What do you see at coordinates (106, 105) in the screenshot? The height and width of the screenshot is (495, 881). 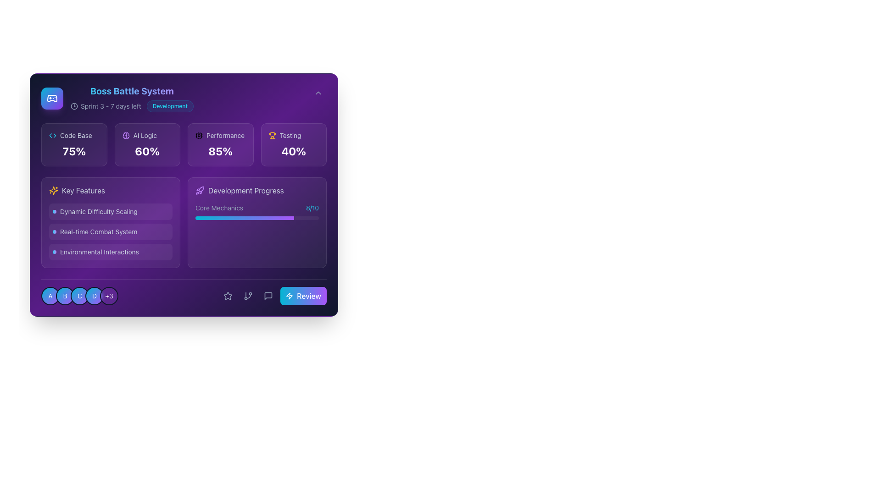 I see `text element providing information about the current sprint and time remaining, located to the left of the 'Development' label at the top of the user interface` at bounding box center [106, 105].